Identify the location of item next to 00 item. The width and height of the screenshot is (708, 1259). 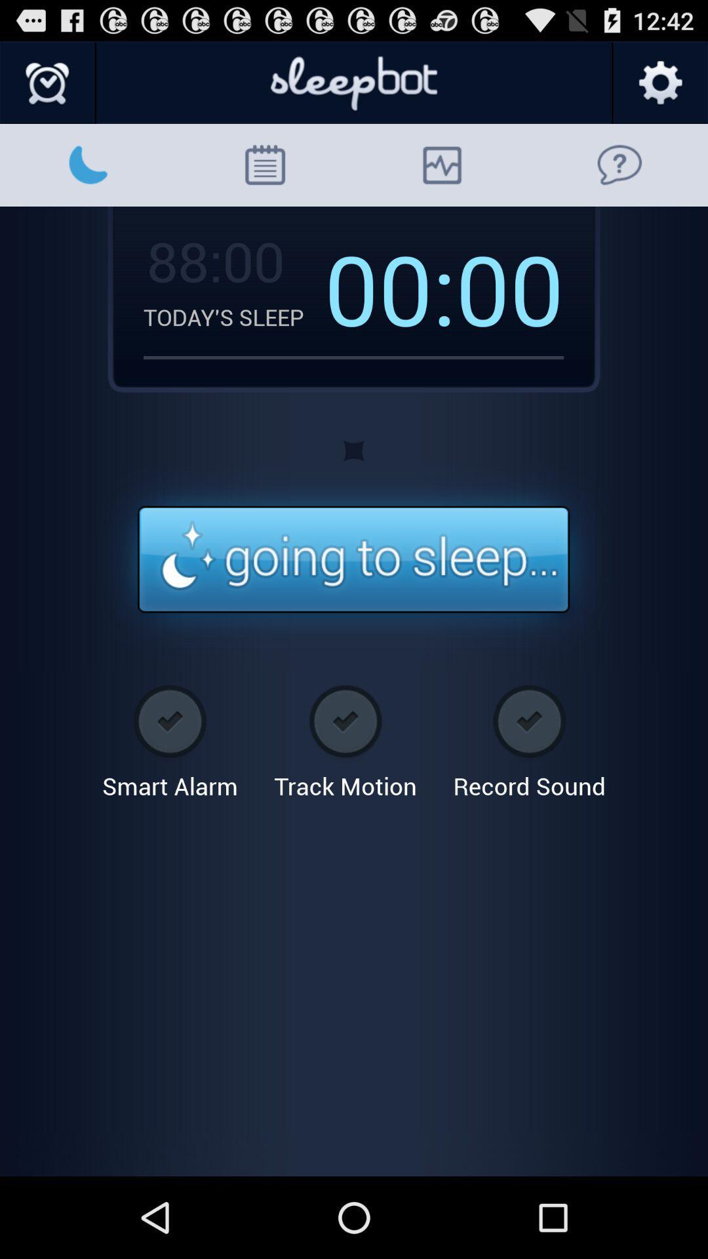
(389, 287).